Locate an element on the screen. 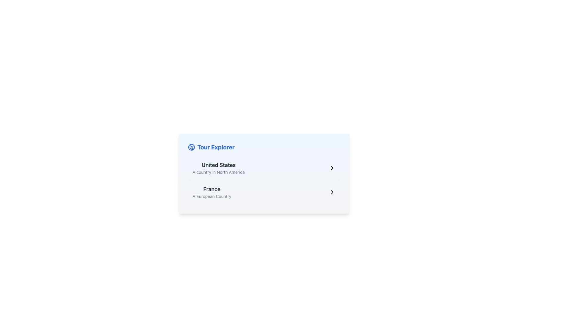 The height and width of the screenshot is (322, 572). the list item representing the country 'France' in the 'Tour Explorer' section to navigate through the options is located at coordinates (264, 192).